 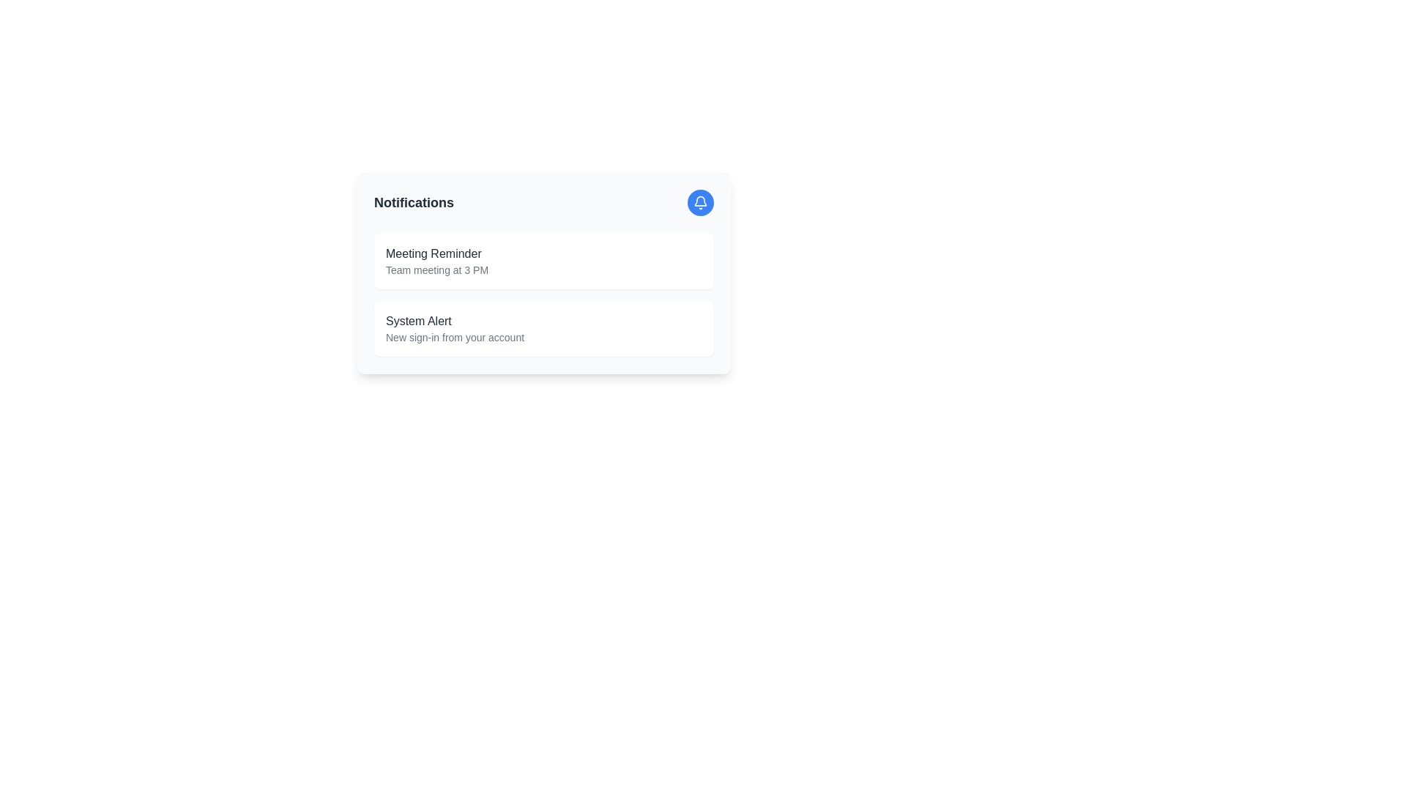 I want to click on the Icon button with a blue background, so click(x=699, y=203).